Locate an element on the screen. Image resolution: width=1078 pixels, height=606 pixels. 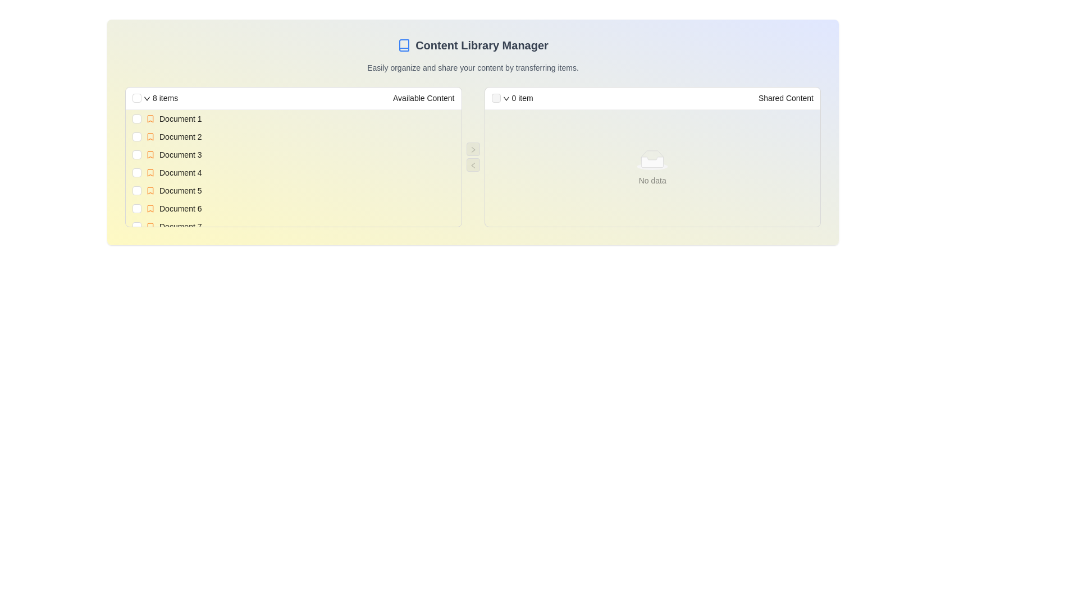
the checkbox that allows users to select or deselect the item labeled 'Document 4' is located at coordinates (136, 173).